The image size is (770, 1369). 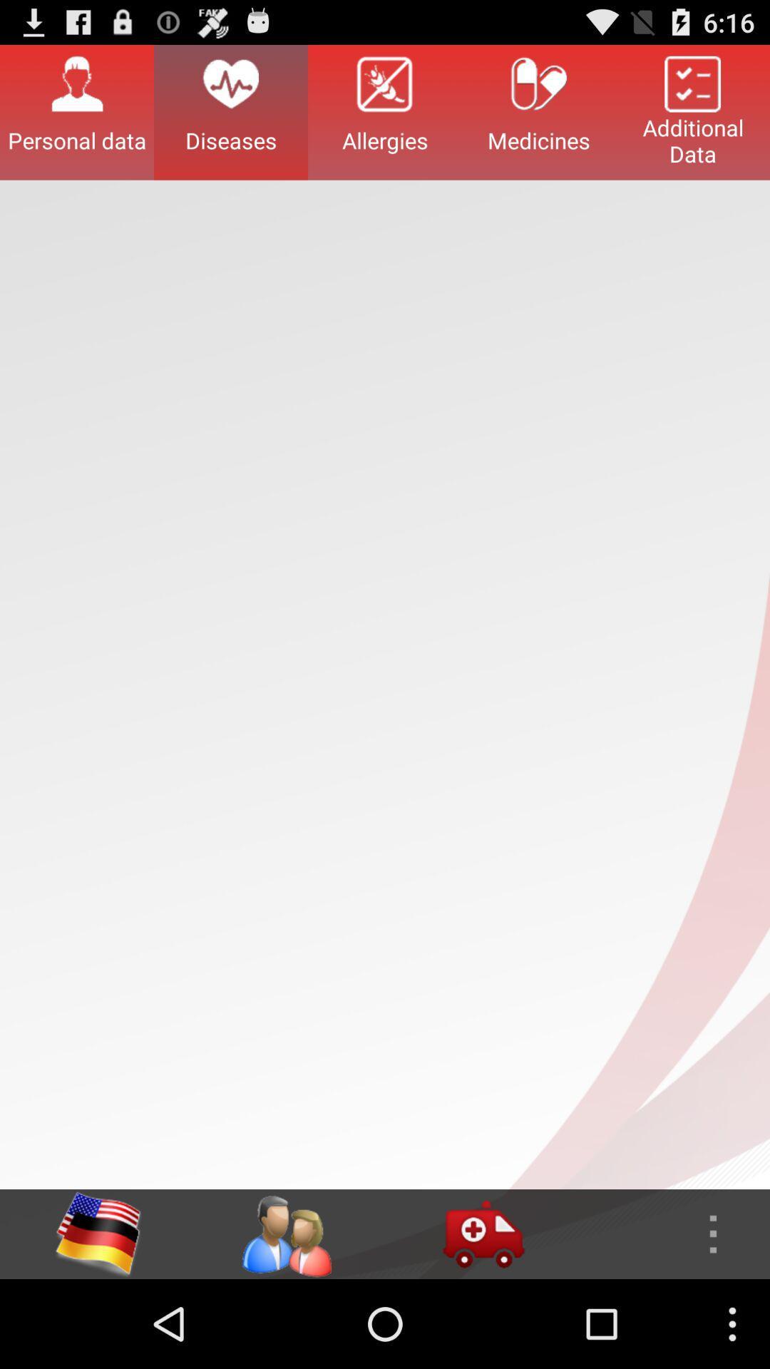 What do you see at coordinates (385, 111) in the screenshot?
I see `allergies button` at bounding box center [385, 111].